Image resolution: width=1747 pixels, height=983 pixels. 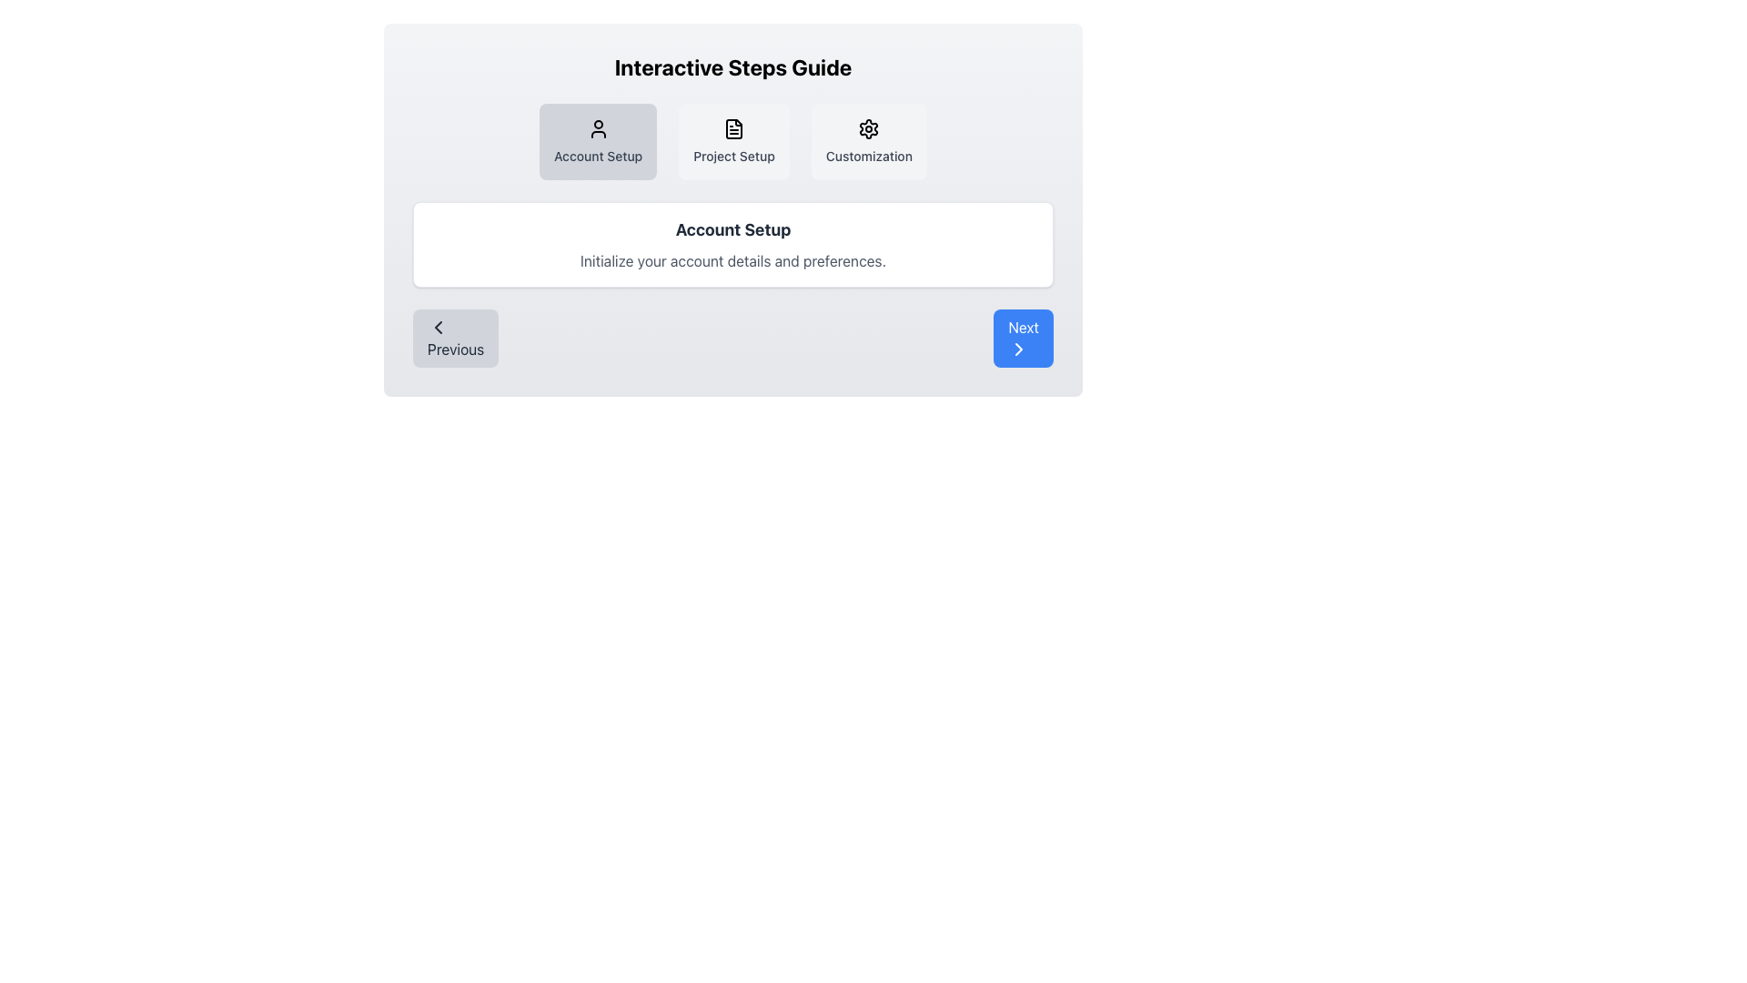 What do you see at coordinates (733, 140) in the screenshot?
I see `the middle section of the button labeled 'Project Setup' which is part of a horizontal layout of three sections within the 'Interactive Steps Guide.'` at bounding box center [733, 140].